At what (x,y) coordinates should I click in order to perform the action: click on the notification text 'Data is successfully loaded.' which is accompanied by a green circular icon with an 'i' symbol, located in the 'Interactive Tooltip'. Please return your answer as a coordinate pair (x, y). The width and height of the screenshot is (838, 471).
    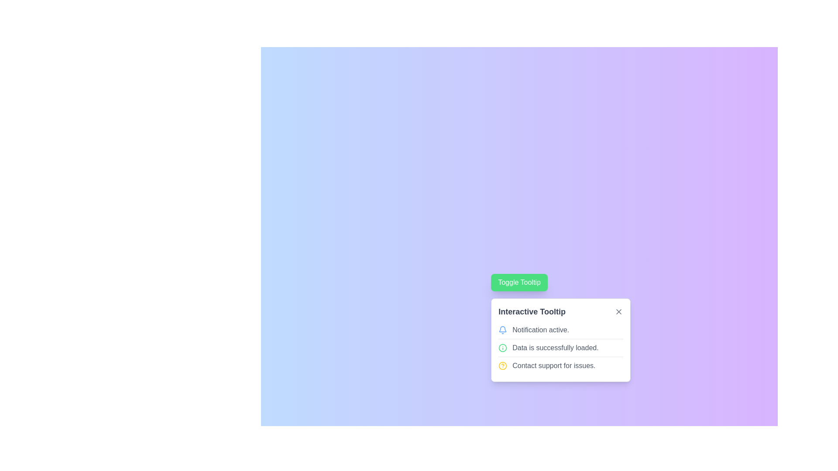
    Looking at the image, I should click on (561, 347).